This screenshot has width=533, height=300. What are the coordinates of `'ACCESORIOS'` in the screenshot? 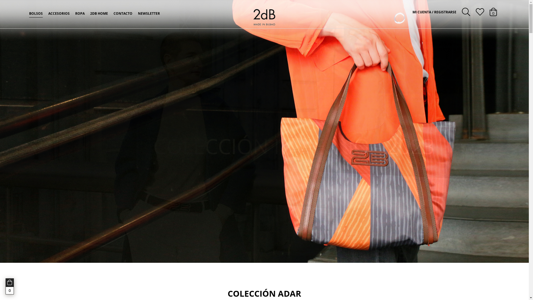 It's located at (59, 13).